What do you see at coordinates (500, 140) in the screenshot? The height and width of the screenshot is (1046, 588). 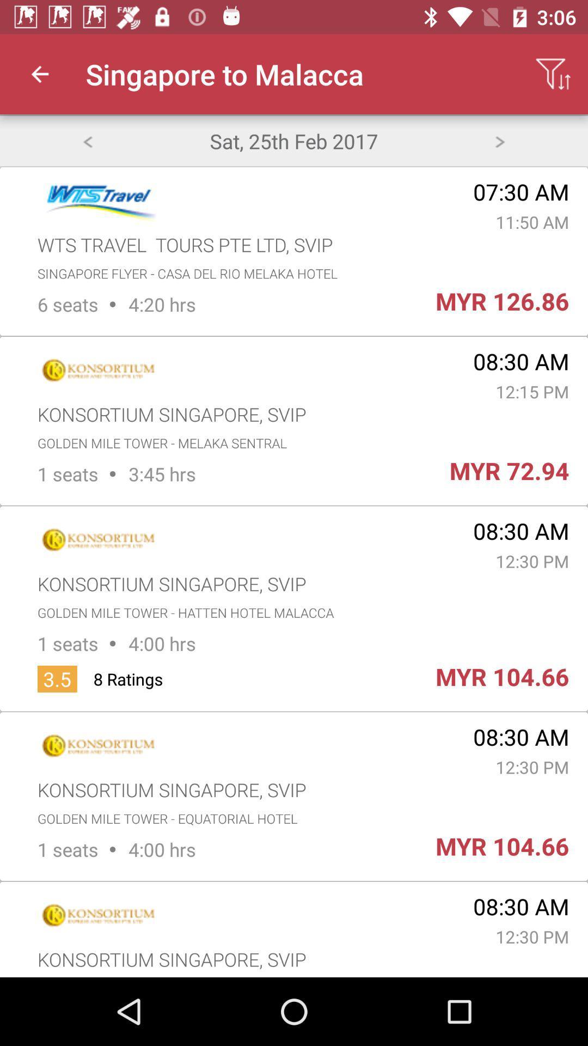 I see `next days events` at bounding box center [500, 140].